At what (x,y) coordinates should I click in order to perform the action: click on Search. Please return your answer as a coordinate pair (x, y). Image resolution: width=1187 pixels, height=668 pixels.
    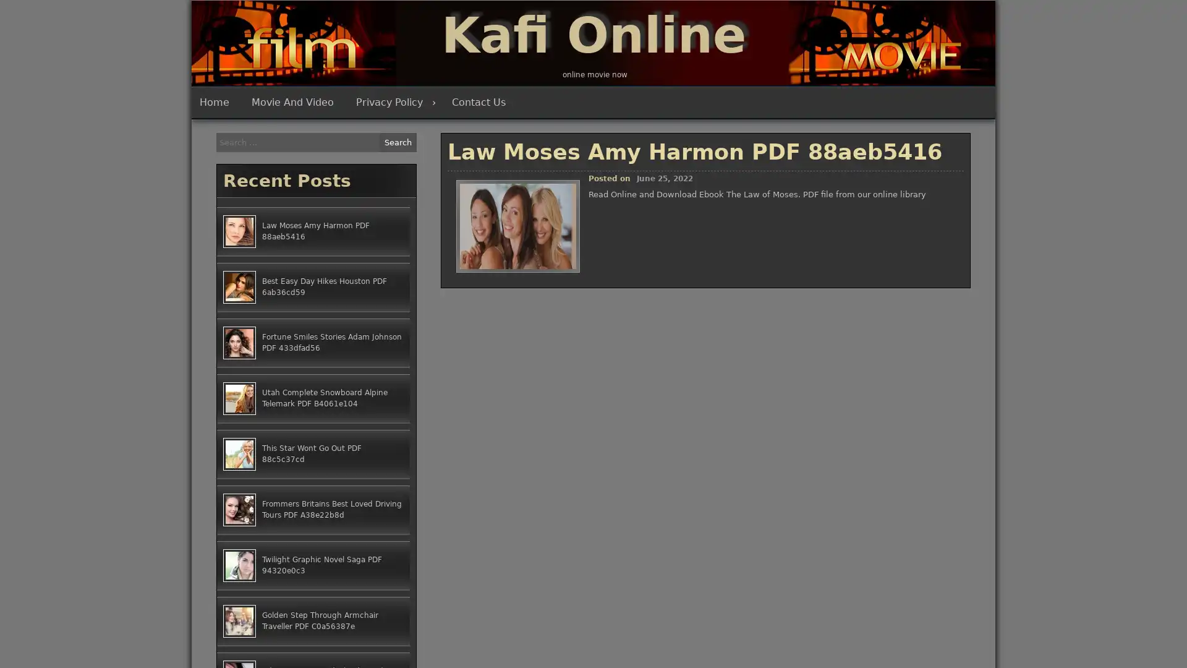
    Looking at the image, I should click on (398, 142).